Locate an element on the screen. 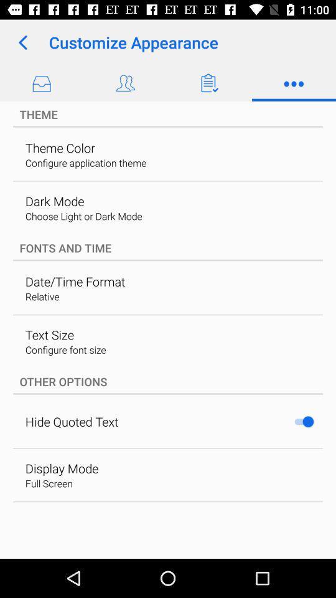 The width and height of the screenshot is (336, 598). item below the dark mode is located at coordinates (83, 216).